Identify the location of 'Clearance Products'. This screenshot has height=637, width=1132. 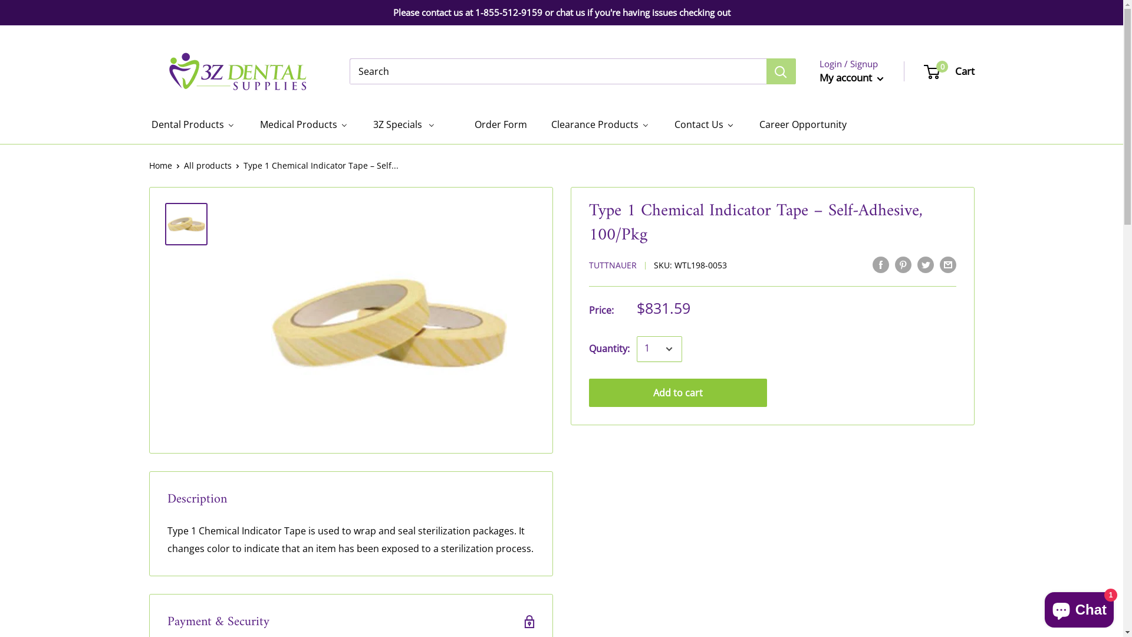
(600, 124).